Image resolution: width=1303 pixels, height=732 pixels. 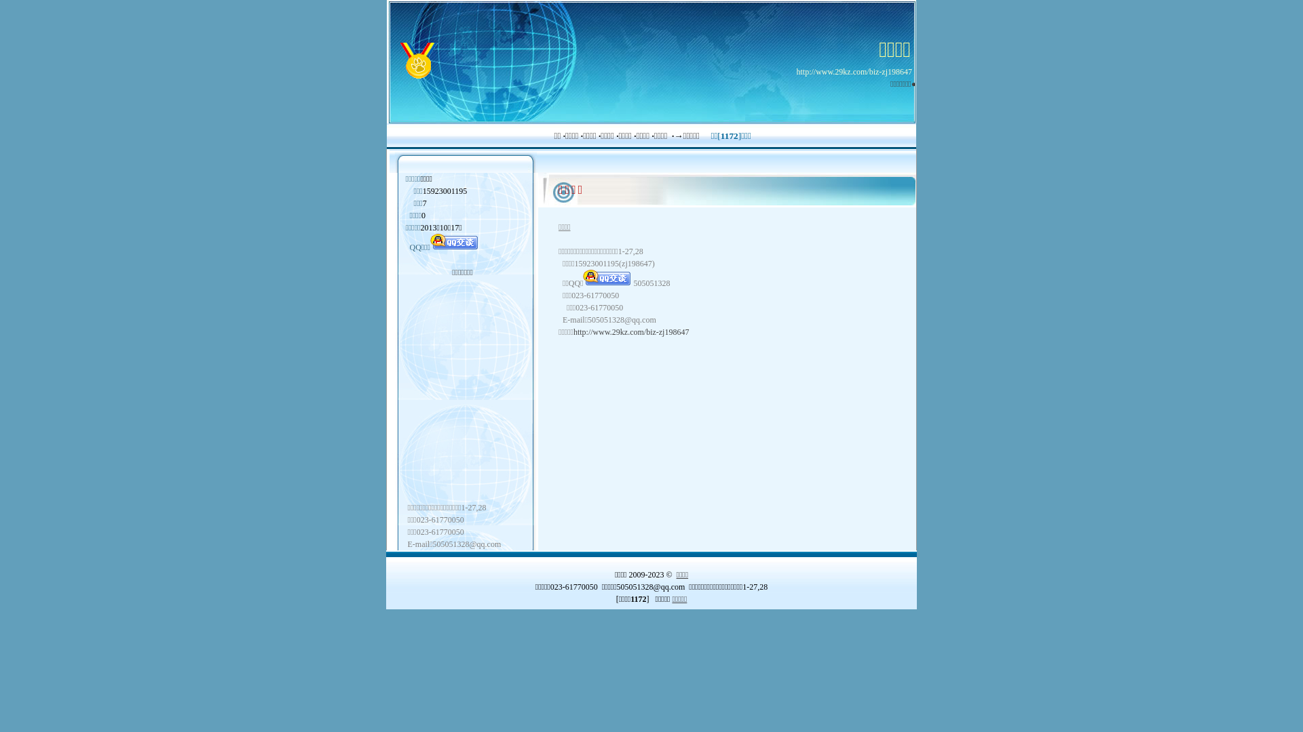 I want to click on 'http://www.29kz.com/biz-zj198647', so click(x=853, y=71).